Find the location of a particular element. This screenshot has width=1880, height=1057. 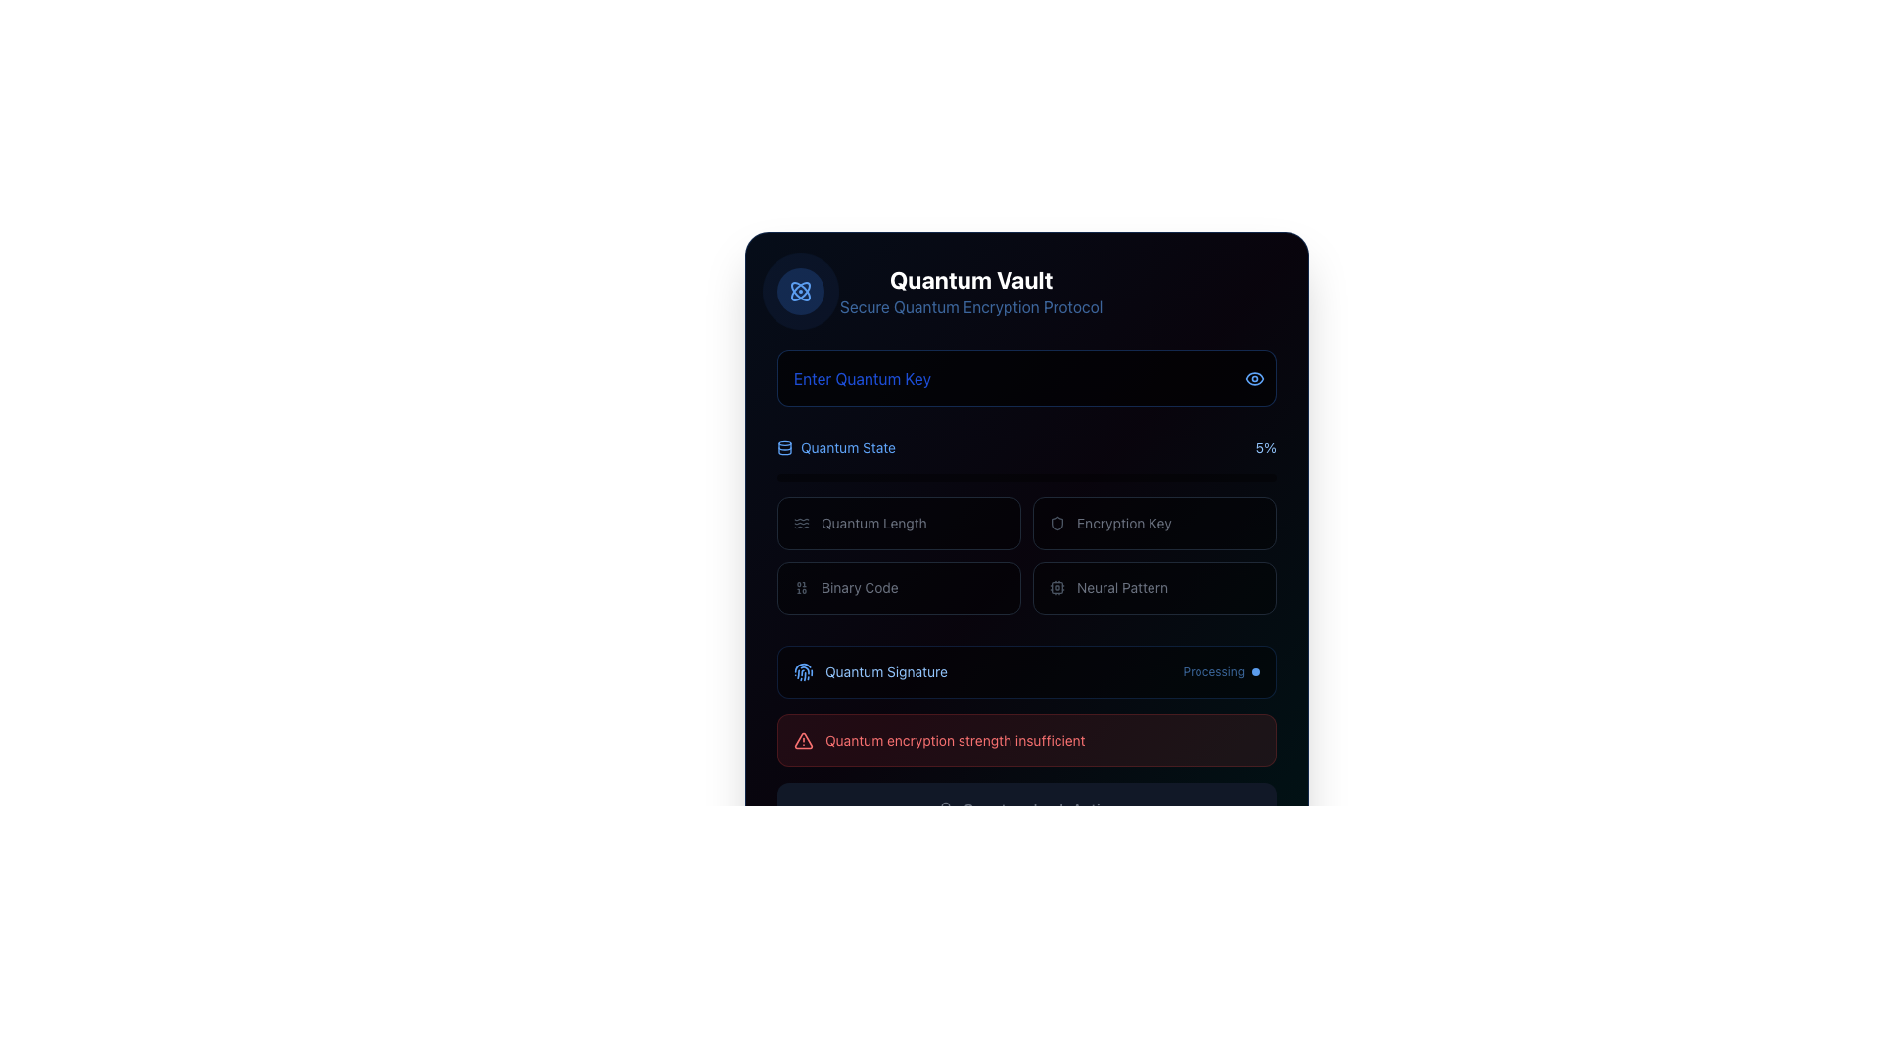

the stylized blue atom icon located in the top-left corner of the interface is located at coordinates (800, 291).